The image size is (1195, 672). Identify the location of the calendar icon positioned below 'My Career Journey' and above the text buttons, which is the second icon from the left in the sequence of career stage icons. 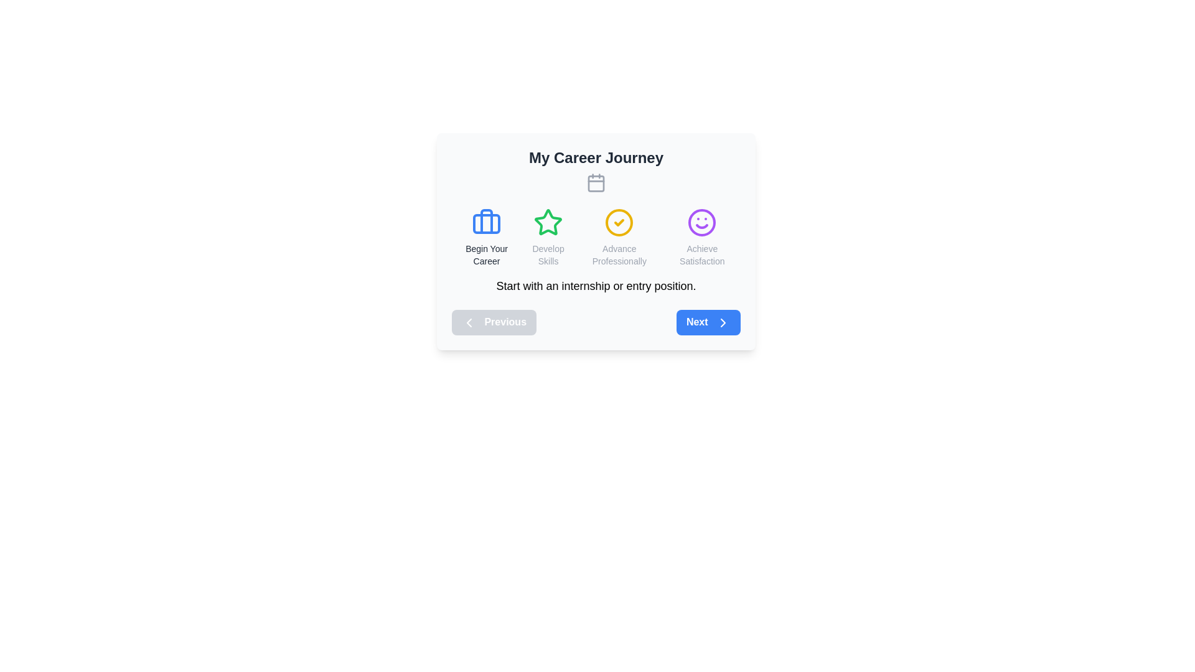
(596, 182).